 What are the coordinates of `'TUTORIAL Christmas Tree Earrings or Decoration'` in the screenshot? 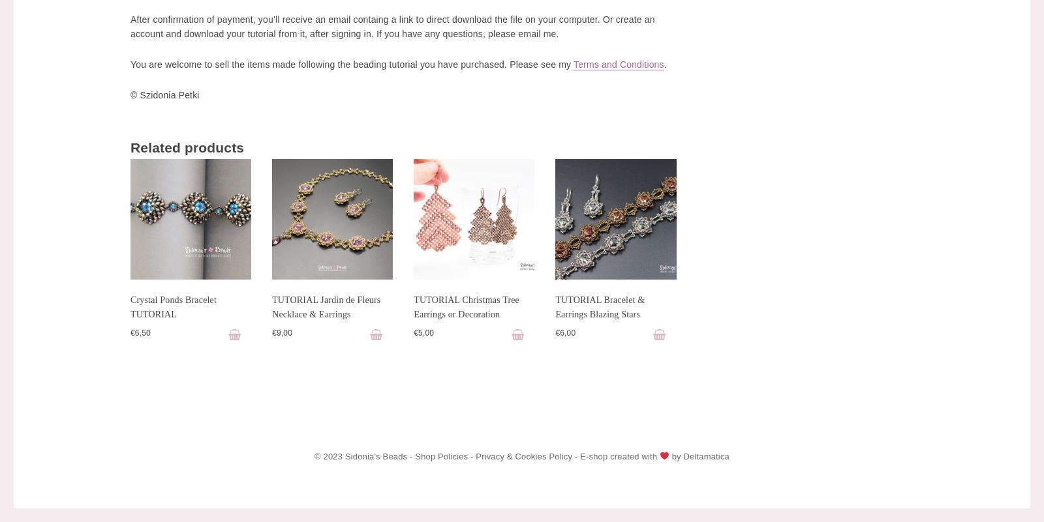 It's located at (467, 306).